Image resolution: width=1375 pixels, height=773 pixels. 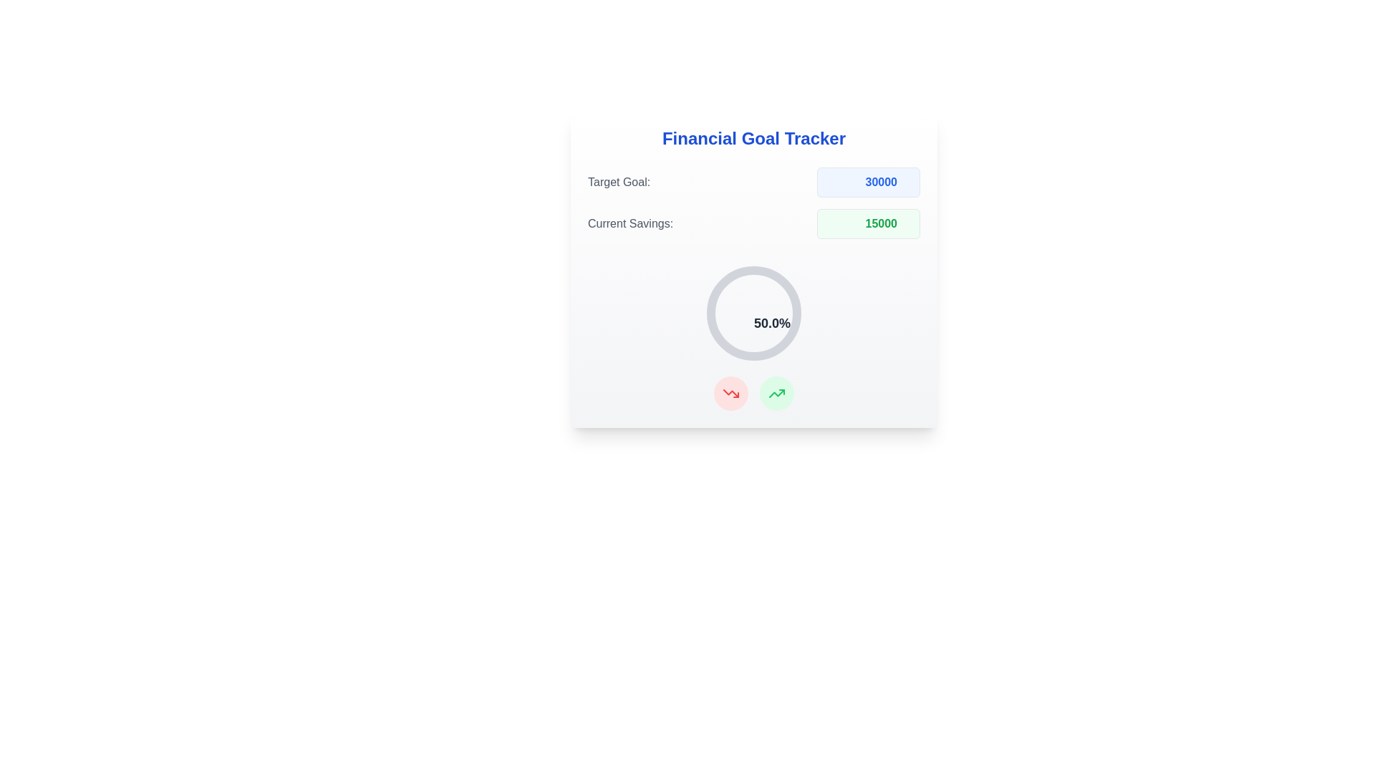 I want to click on the Circular SVG that outlines the boundary of a graphic component, located below the 'Target Goal' and 'Current Savings' text fields, so click(x=753, y=313).